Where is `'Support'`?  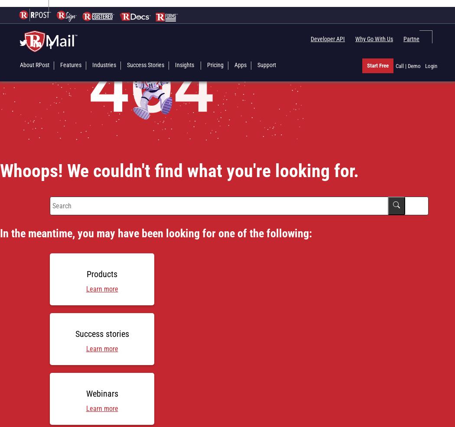 'Support' is located at coordinates (266, 65).